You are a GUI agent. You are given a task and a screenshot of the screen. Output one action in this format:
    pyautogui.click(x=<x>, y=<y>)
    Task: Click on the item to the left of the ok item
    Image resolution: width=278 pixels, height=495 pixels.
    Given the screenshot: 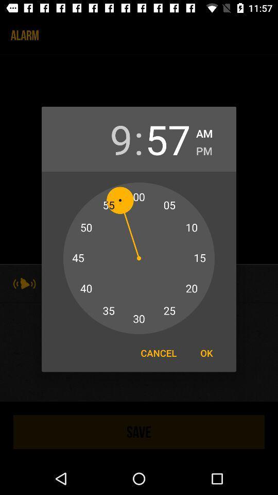 What is the action you would take?
    pyautogui.click(x=159, y=353)
    